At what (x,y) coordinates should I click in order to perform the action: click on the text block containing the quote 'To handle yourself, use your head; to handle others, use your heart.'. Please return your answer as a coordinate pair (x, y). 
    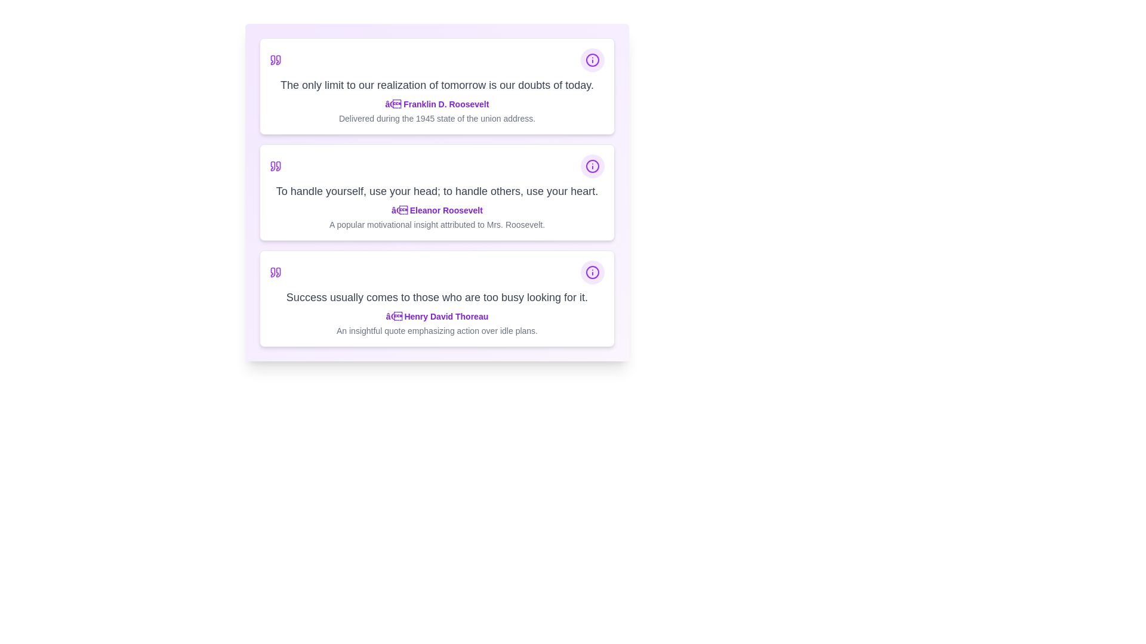
    Looking at the image, I should click on (436, 190).